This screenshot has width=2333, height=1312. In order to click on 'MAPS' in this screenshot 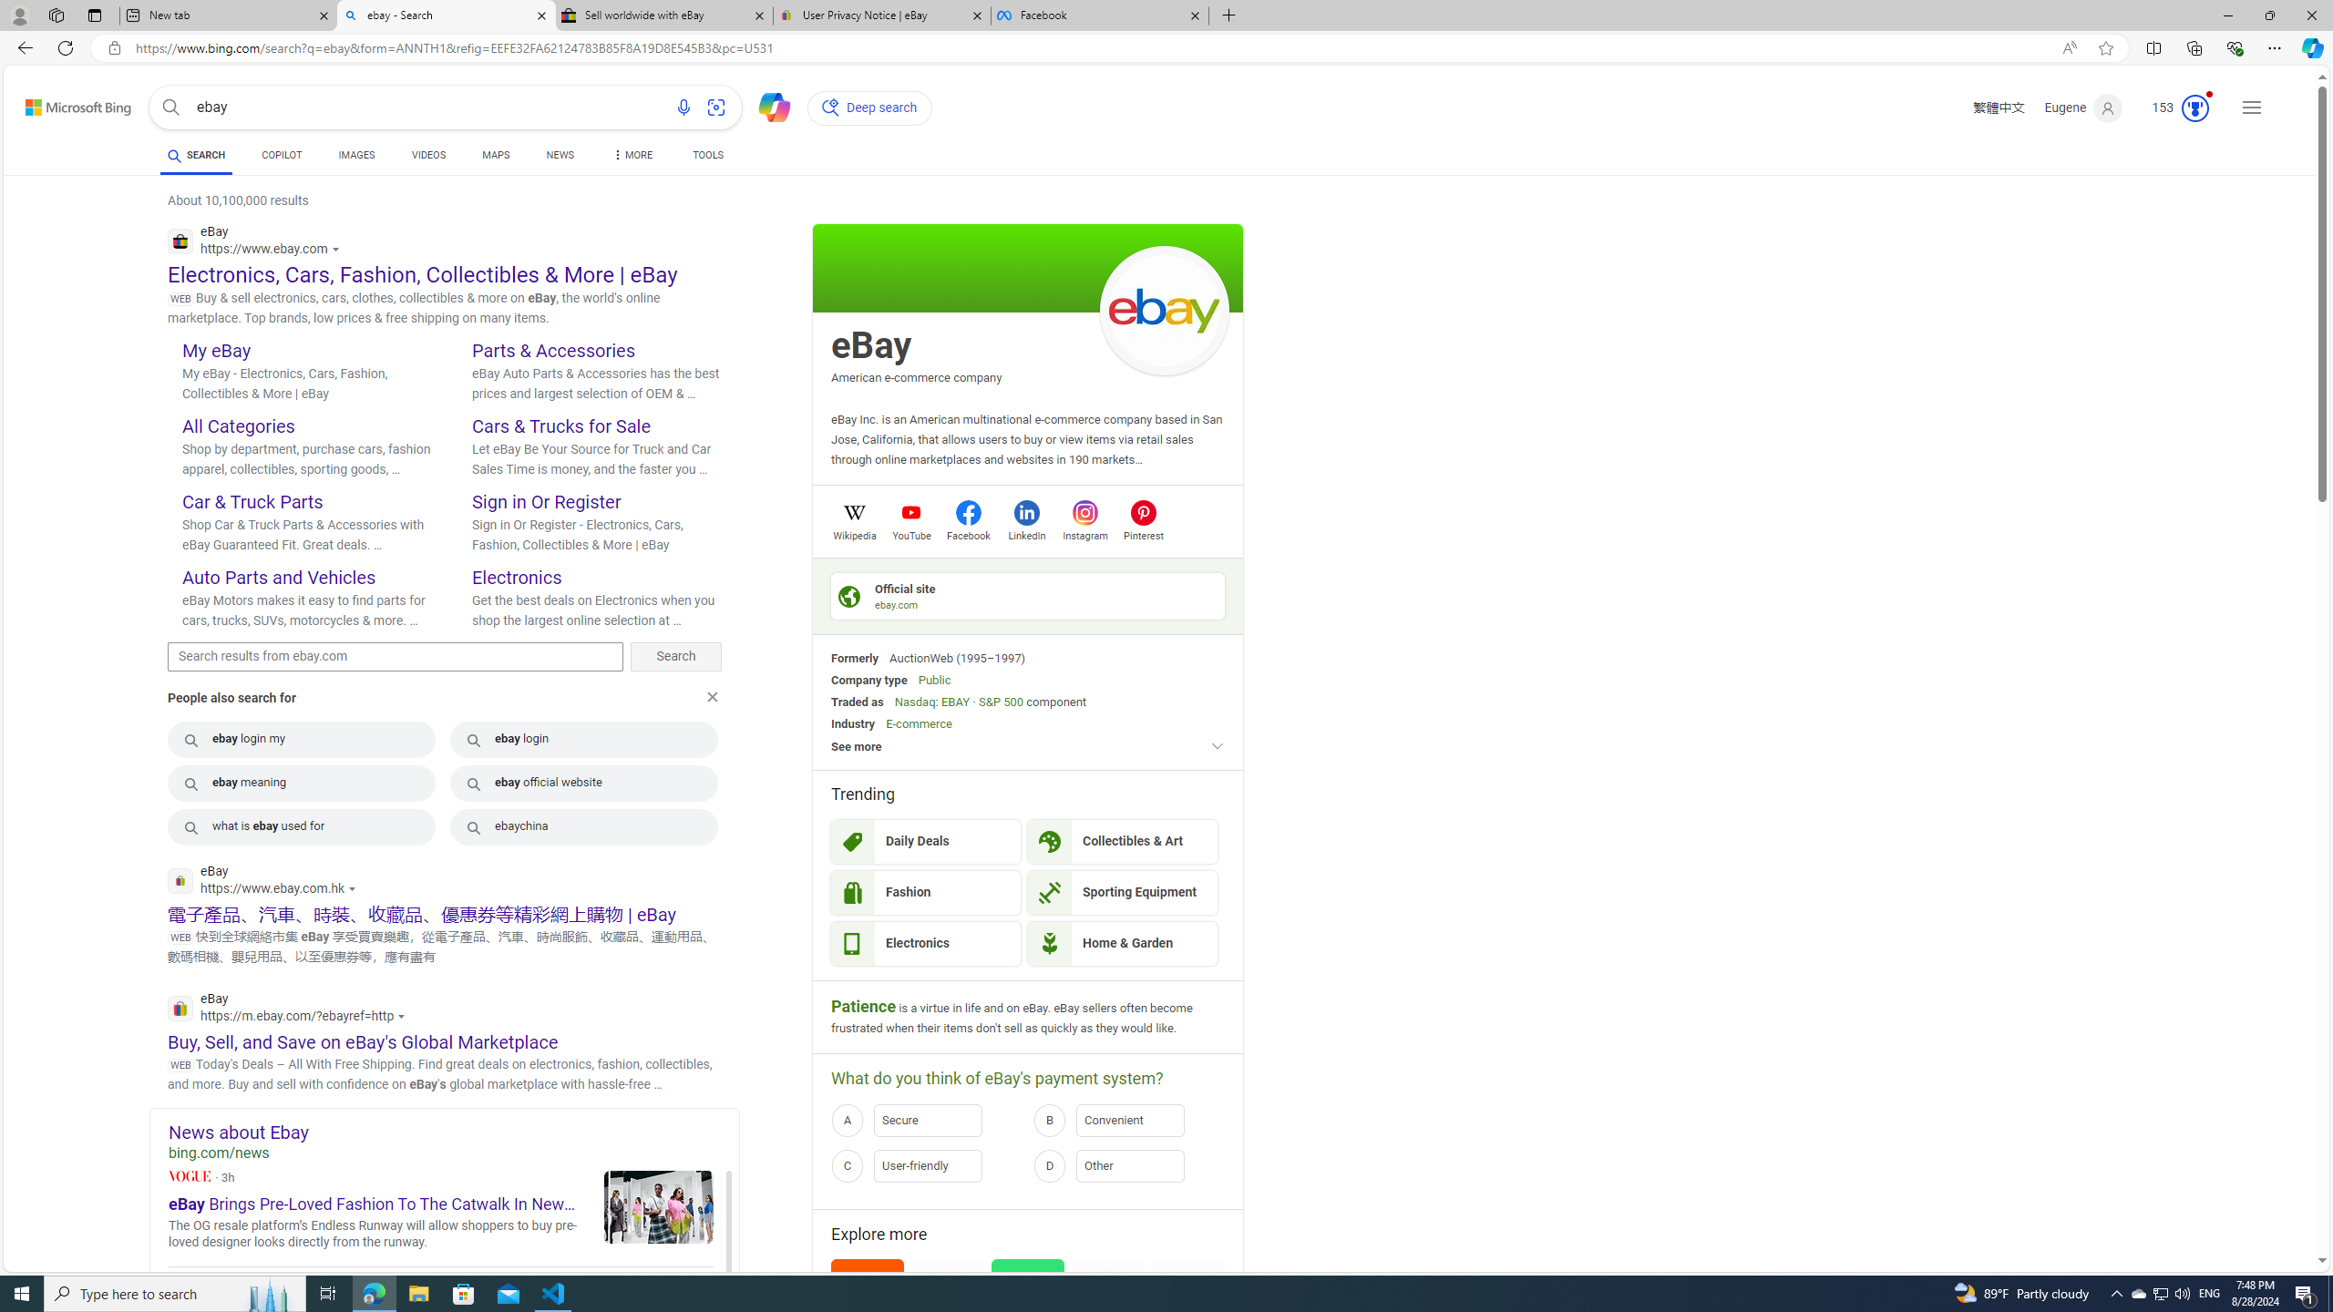, I will do `click(497, 157)`.